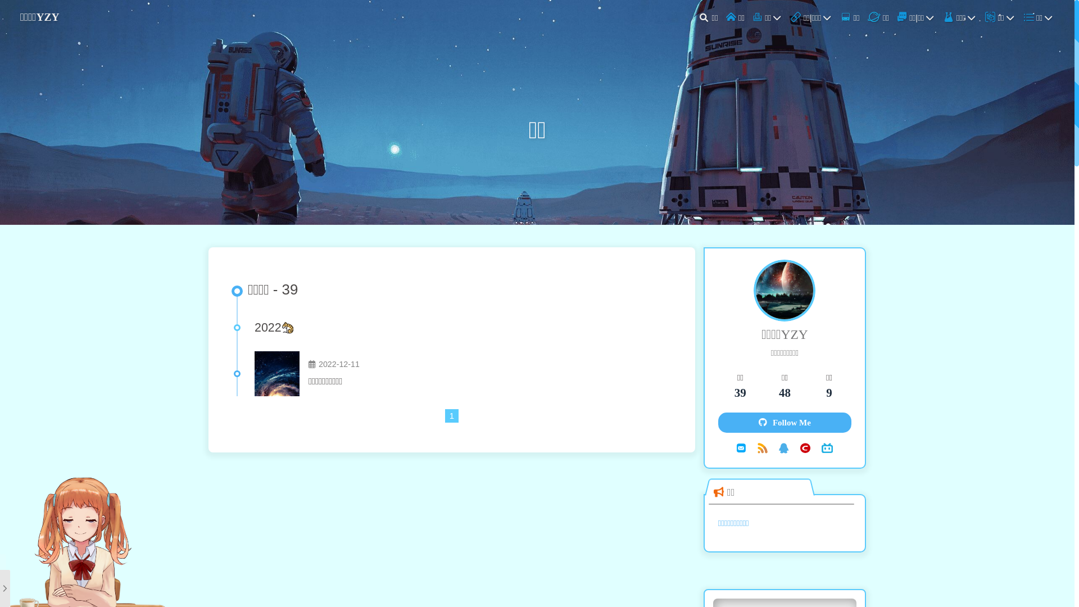 This screenshot has width=1079, height=607. I want to click on 'Email', so click(741, 447).